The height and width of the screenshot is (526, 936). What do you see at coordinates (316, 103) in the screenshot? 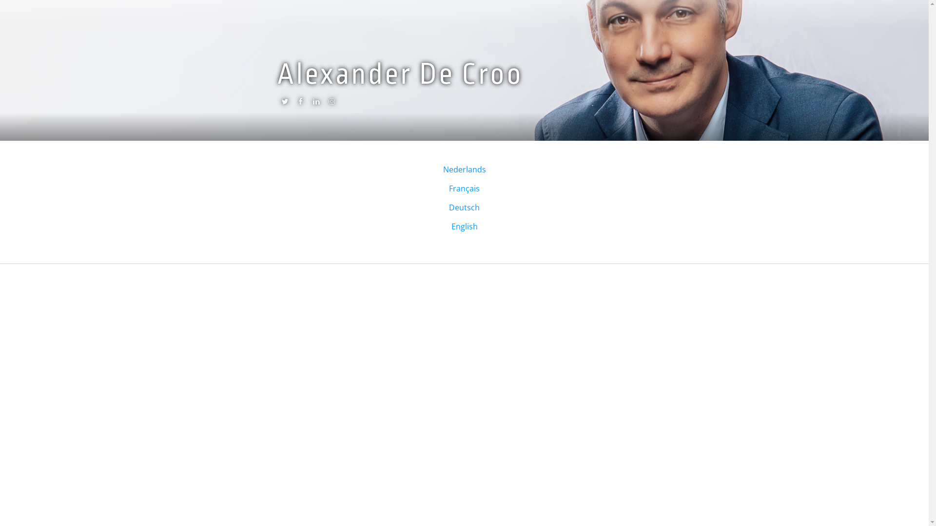
I see `'linkedin'` at bounding box center [316, 103].